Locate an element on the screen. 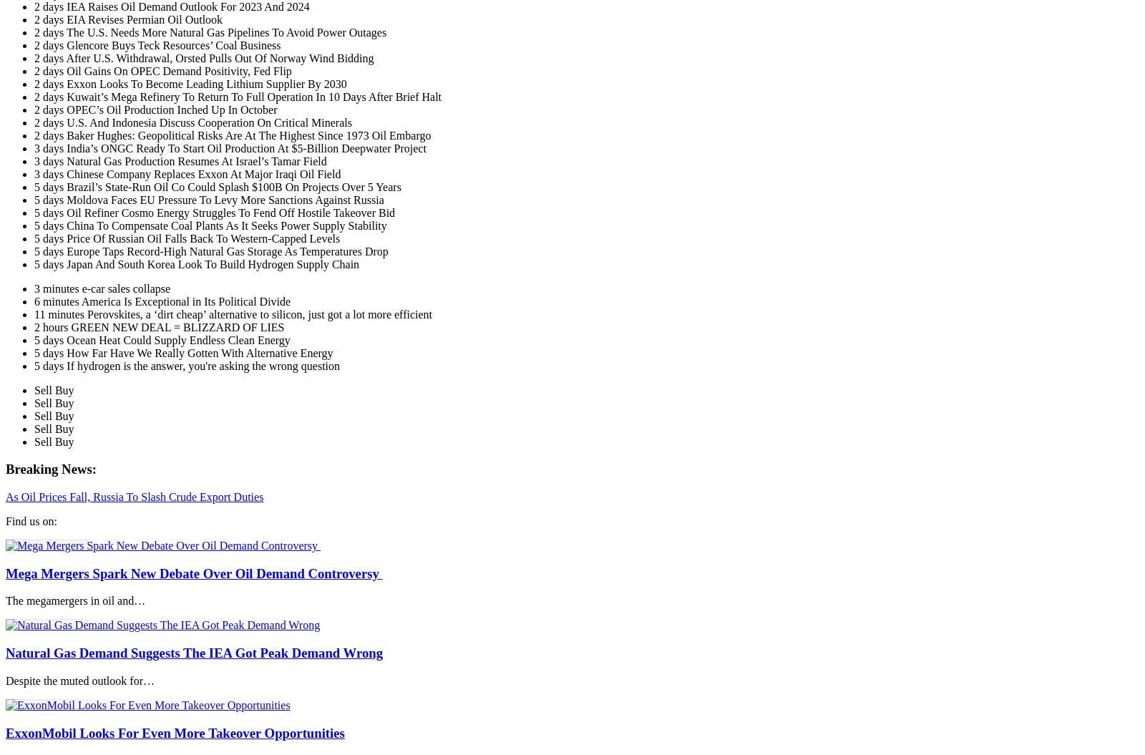 Image resolution: width=1145 pixels, height=755 pixels. 'Japan And South Korea Look To Build Hydrogen Supply Chain' is located at coordinates (213, 263).